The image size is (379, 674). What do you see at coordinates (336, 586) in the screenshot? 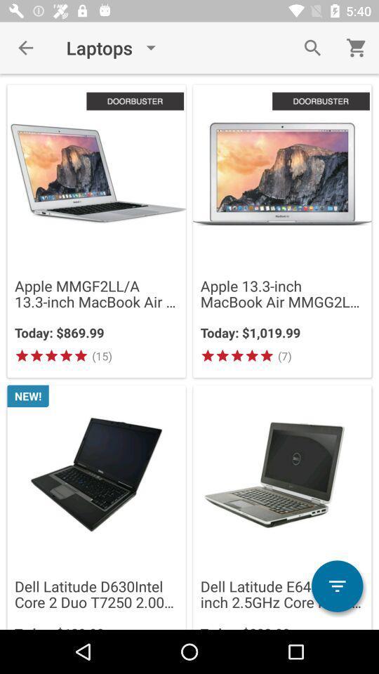
I see `the blue button which is at the right bottom of the page` at bounding box center [336, 586].